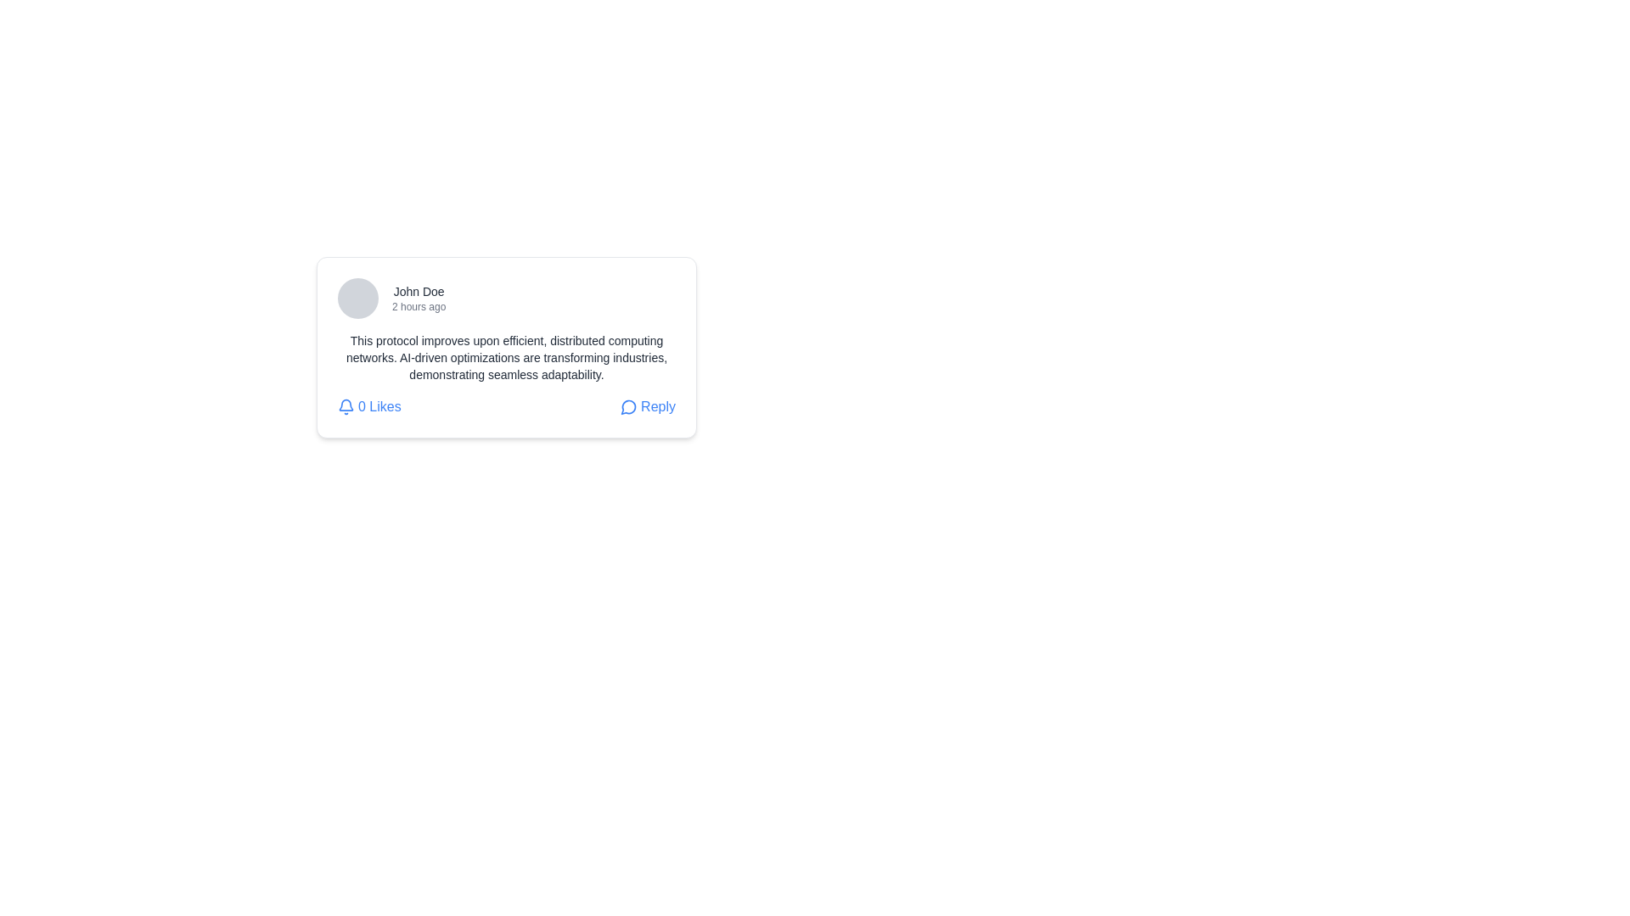 This screenshot has width=1630, height=916. What do you see at coordinates (419, 307) in the screenshot?
I see `the static text displaying the timestamp of the last update, located below 'John Doe' in the upper-left section of the card component` at bounding box center [419, 307].